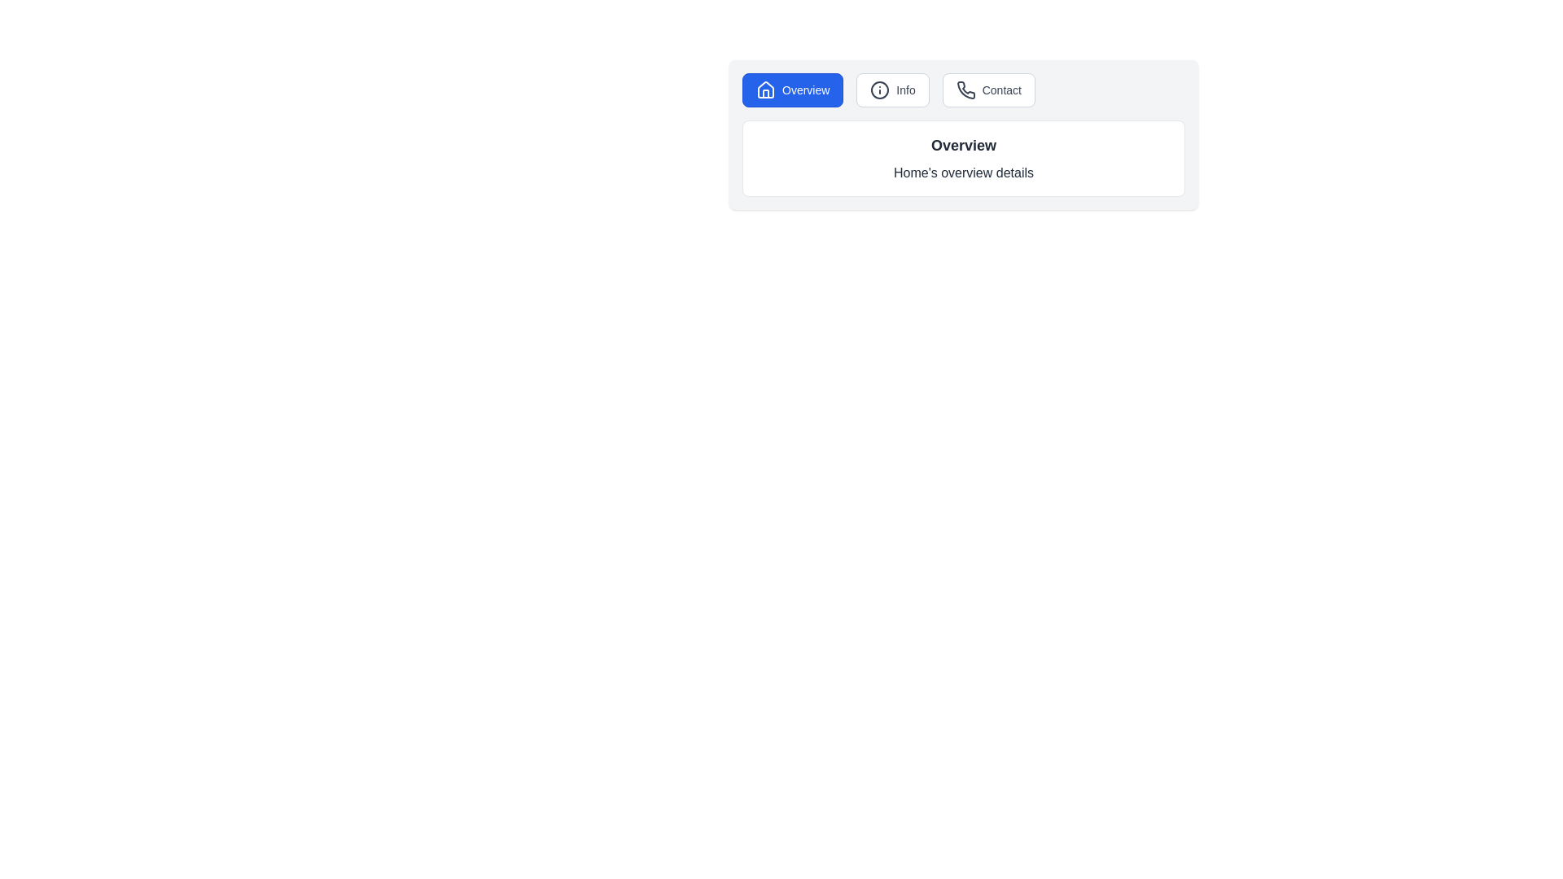 This screenshot has width=1563, height=879. What do you see at coordinates (987, 90) in the screenshot?
I see `the Contact tab to view its content` at bounding box center [987, 90].